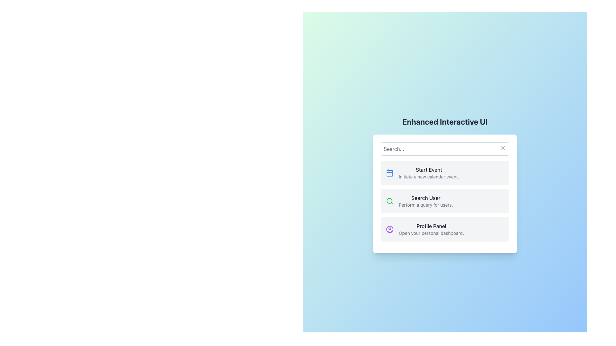 Image resolution: width=616 pixels, height=346 pixels. Describe the element at coordinates (389, 173) in the screenshot. I see `the blue calendar icon located to the left of the 'Start Event' text to interact with its associated functionality` at that location.